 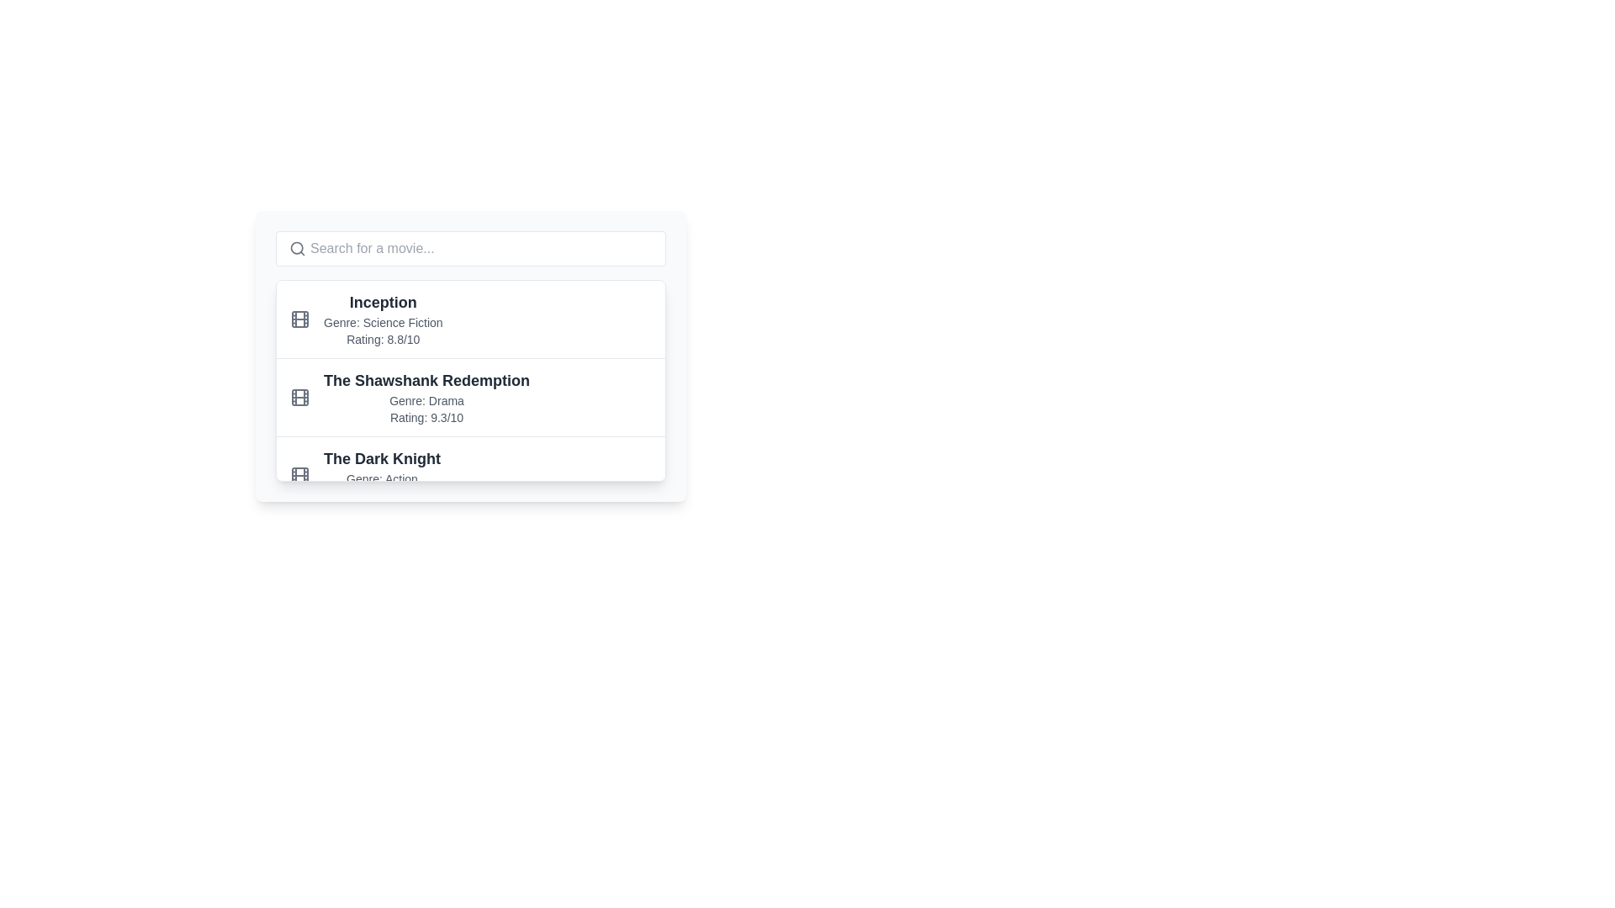 I want to click on the decorative SVG rectangle representing part of the film reel graphic for the movie 'The Dark Knight', located at the center-left of the film reel icon, so click(x=299, y=476).